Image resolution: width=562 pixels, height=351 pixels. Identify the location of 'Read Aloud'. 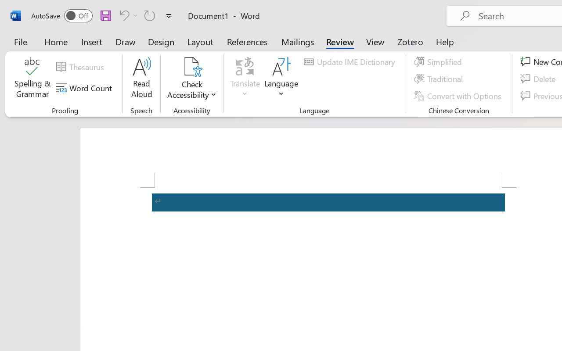
(142, 79).